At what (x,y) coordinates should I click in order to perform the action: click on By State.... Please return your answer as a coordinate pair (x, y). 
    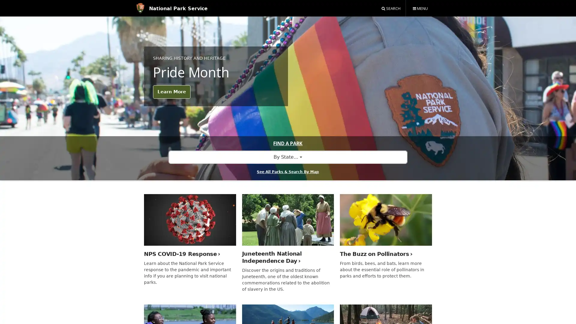
    Looking at the image, I should click on (287, 157).